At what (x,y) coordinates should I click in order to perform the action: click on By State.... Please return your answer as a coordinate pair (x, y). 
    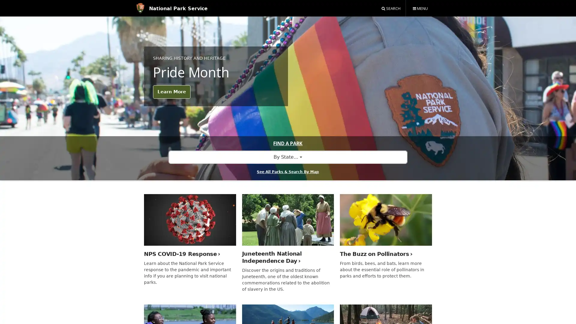
    Looking at the image, I should click on (287, 157).